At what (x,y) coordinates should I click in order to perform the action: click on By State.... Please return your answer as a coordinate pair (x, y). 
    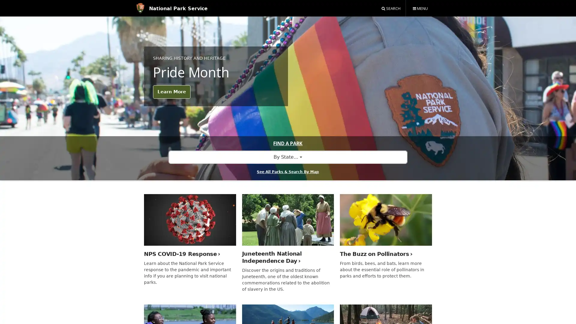
    Looking at the image, I should click on (287, 157).